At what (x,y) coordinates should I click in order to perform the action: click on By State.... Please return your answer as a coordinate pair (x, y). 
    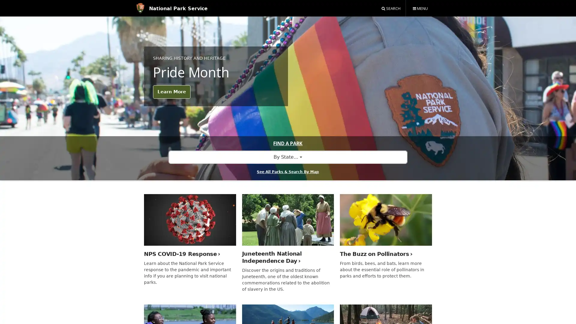
    Looking at the image, I should click on (287, 157).